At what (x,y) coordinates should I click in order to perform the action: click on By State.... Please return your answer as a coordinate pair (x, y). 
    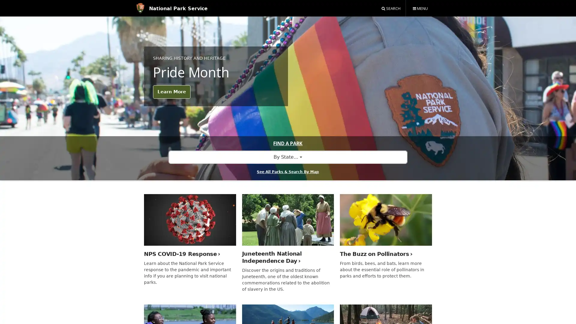
    Looking at the image, I should click on (287, 157).